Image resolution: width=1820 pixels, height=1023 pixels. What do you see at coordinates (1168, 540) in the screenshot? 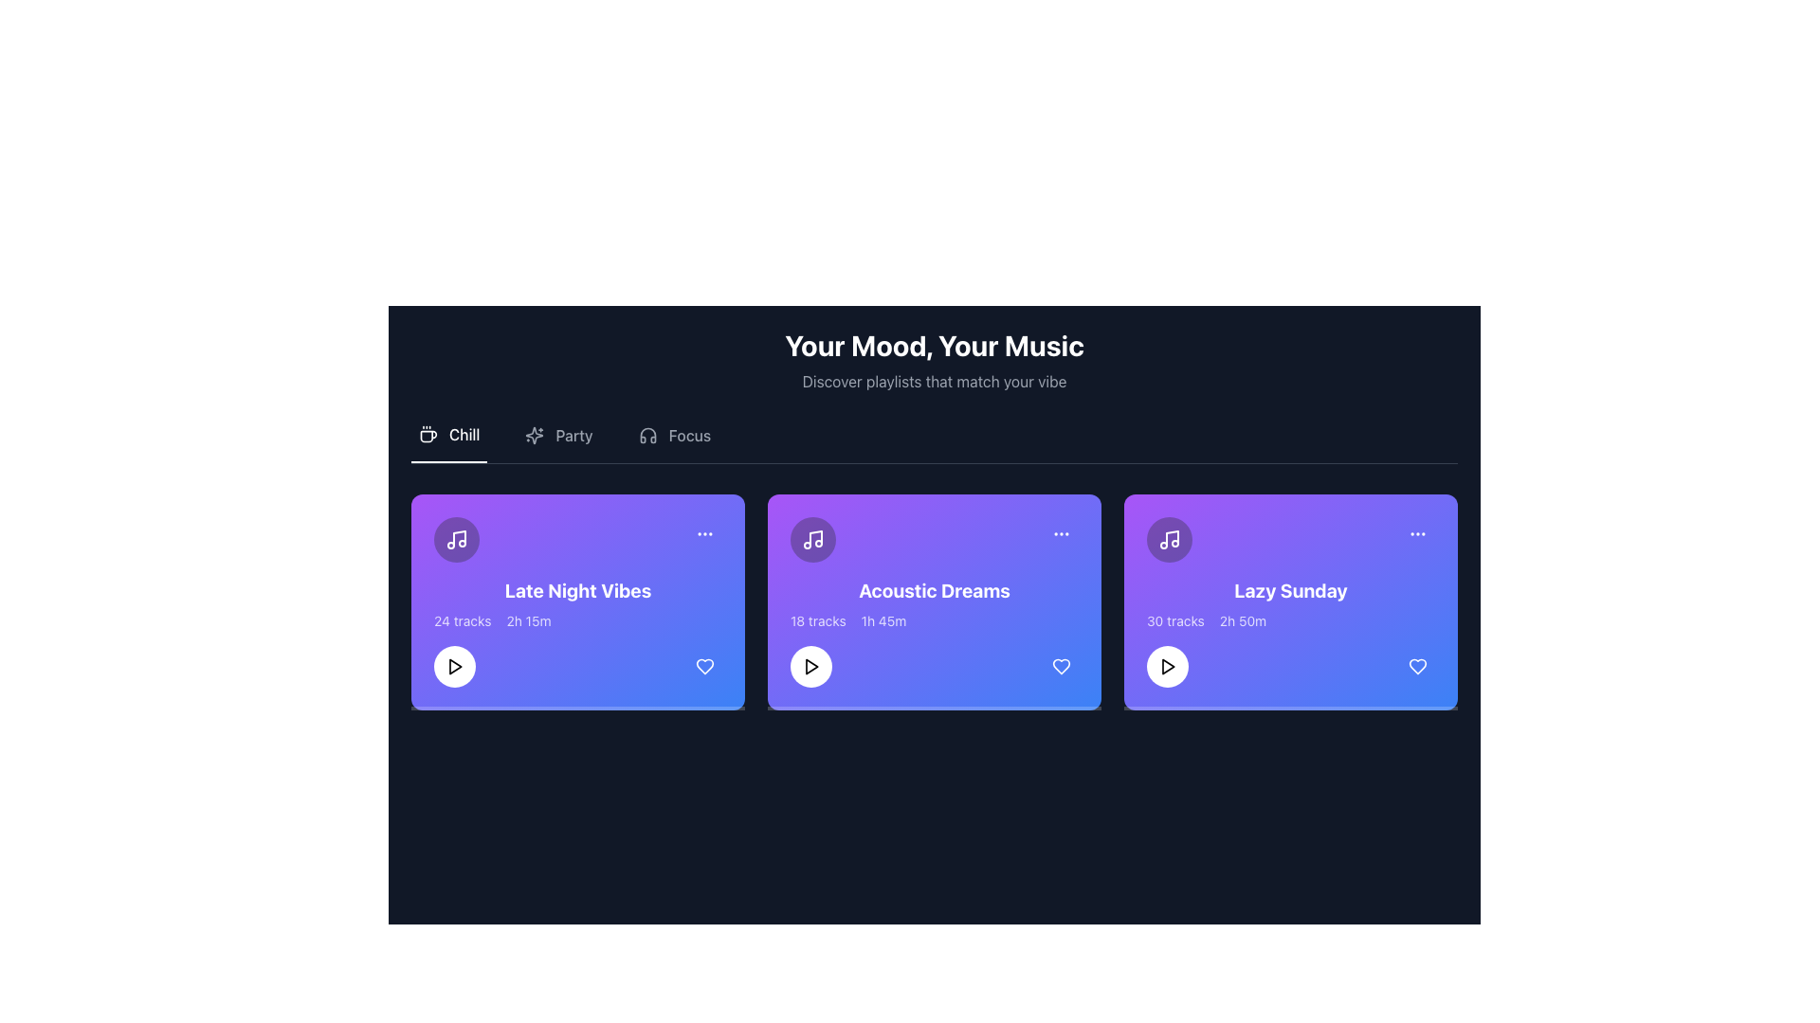
I see `the circular icon with a black background and white music note symbol located at the top-left corner of the 'Lazy Sunday' playlist card` at bounding box center [1168, 540].